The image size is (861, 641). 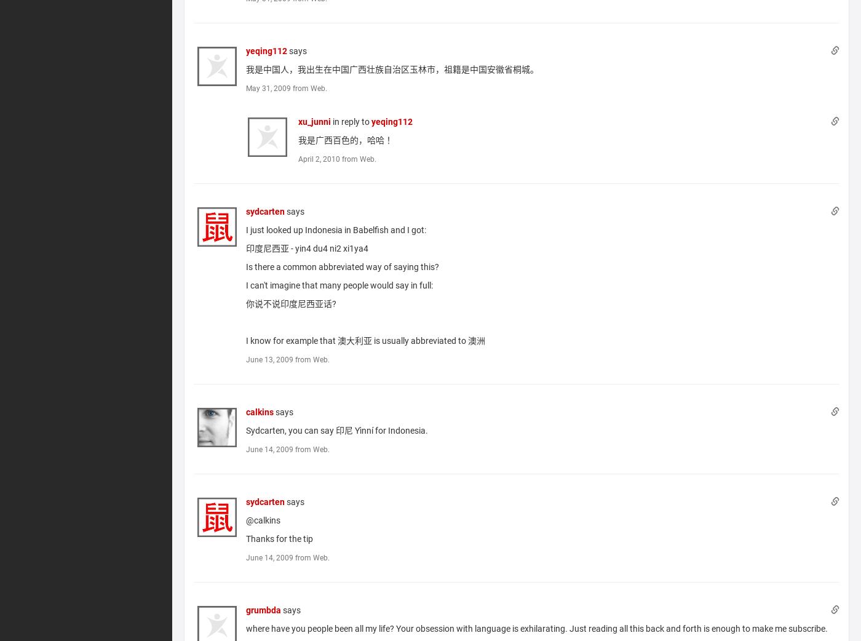 I want to click on 'calkins', so click(x=260, y=411).